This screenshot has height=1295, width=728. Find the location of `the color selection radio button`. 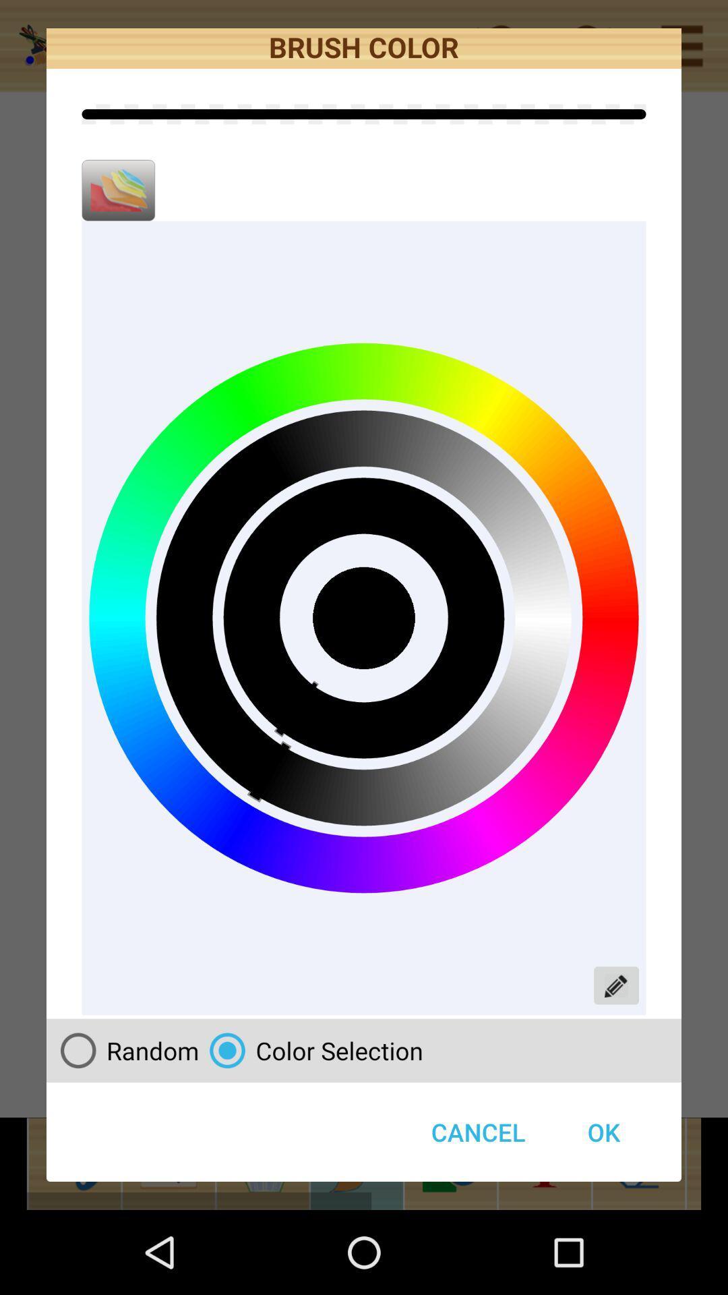

the color selection radio button is located at coordinates (311, 1049).